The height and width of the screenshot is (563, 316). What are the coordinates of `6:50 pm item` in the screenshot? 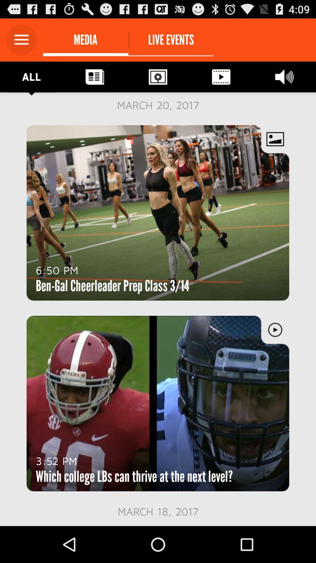 It's located at (57, 270).